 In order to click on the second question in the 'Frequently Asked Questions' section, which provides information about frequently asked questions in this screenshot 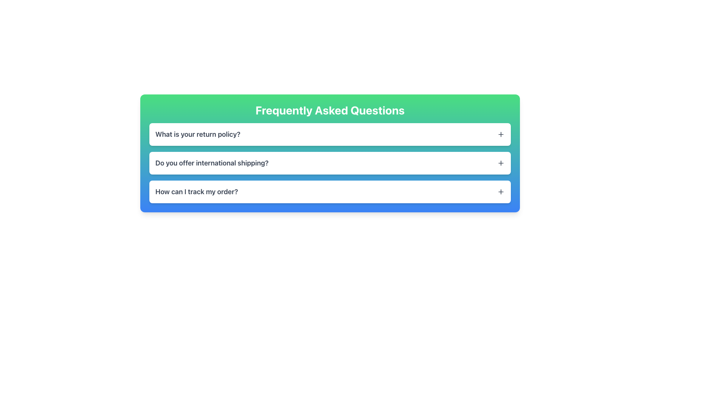, I will do `click(330, 163)`.